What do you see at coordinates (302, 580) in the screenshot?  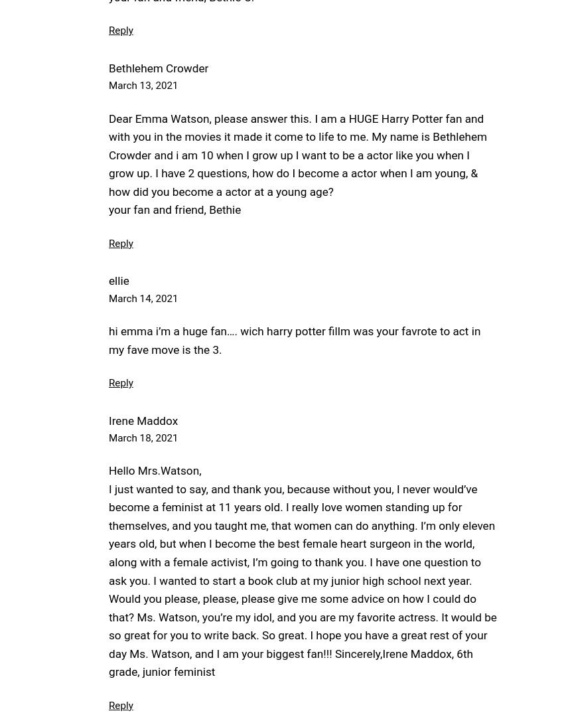 I see `'I just wanted to say, and thank you, because without you, I never would’ve become a feminist at 11 years old. I really love women standing up for themselves, and you taught me, that women can do anything. I’m only eleven years old, but when I become the best female heart surgeon in the world, along with a female activist, I’m going to thank you. I have one question to ask you. I wanted to start a book club at my junior high school next year. Would you please, please, please give me some advice on how I could do that? Ms. Watson, you’re my idol, and you are my favorite actress. It would be so great for you to write back. So great. I hope you have a great rest of your day Ms. Watson, and I am your biggest fan!!! Sincerely,Irene Maddox, 6th grade, junior feminist'` at bounding box center [302, 580].